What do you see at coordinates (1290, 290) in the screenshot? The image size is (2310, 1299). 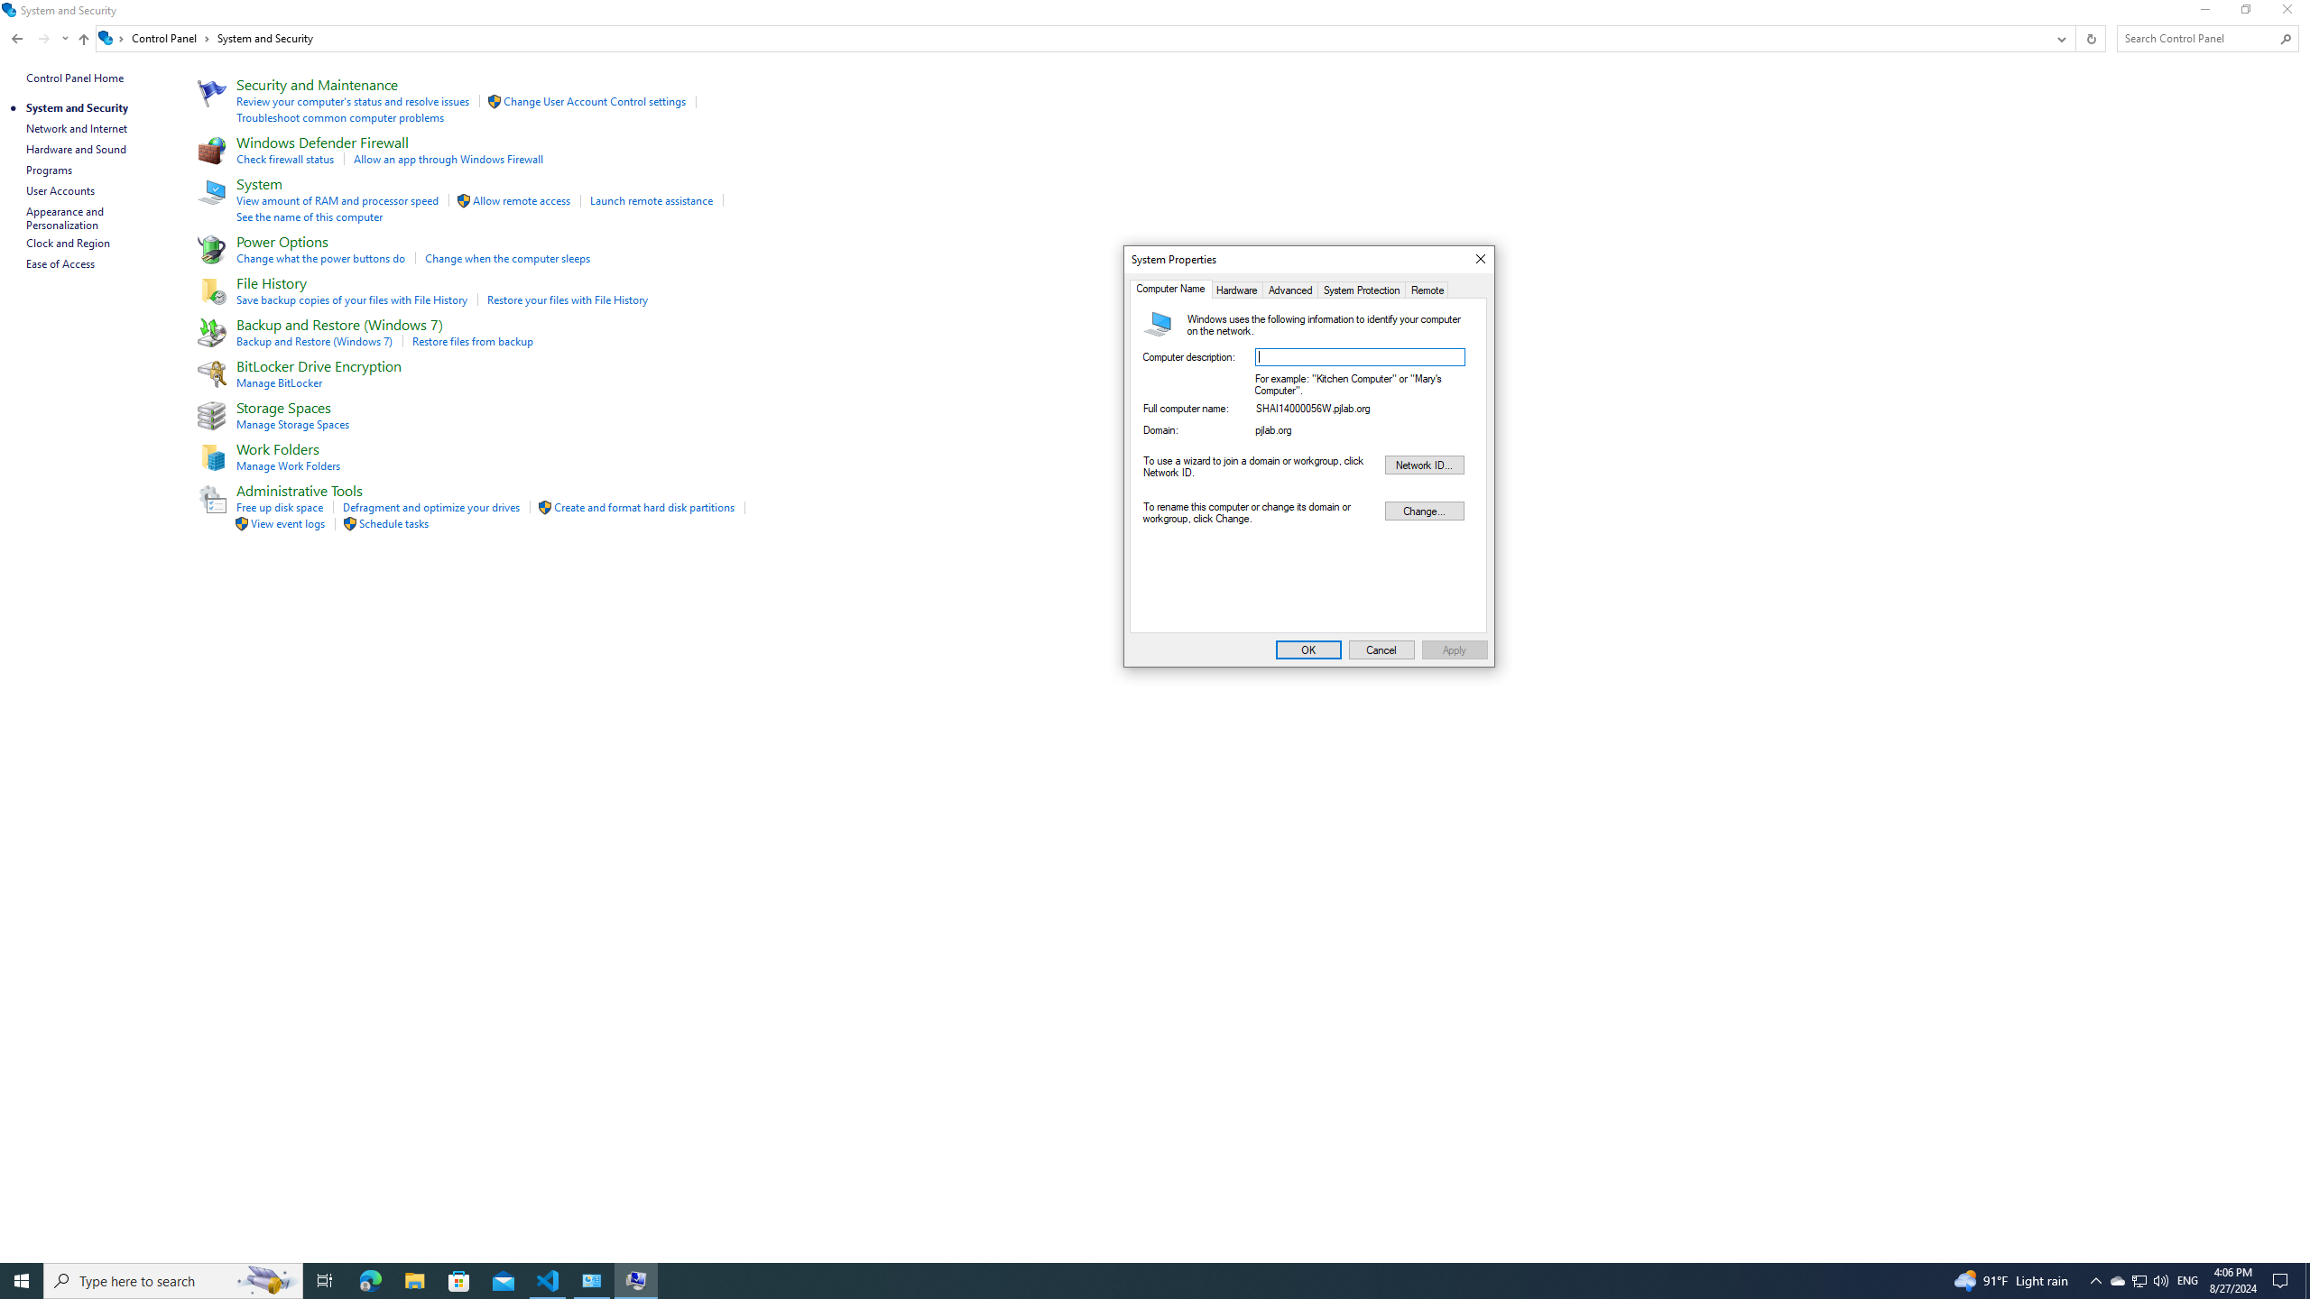 I see `'Advanced'` at bounding box center [1290, 290].